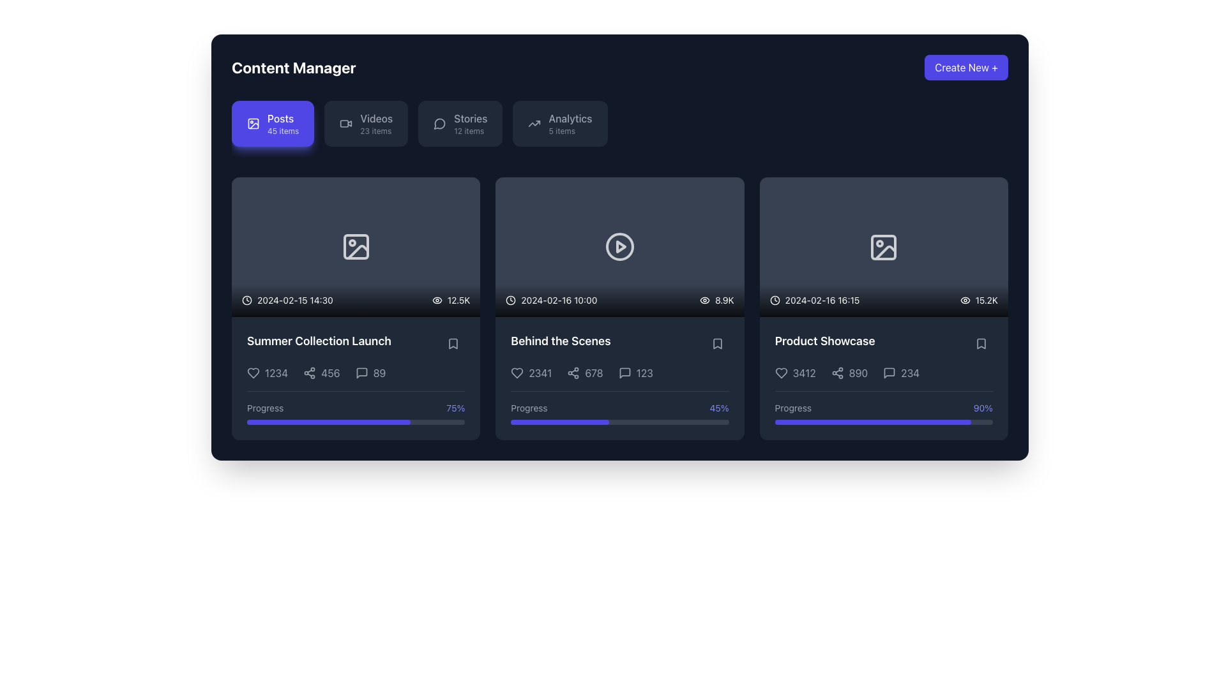  What do you see at coordinates (803, 373) in the screenshot?
I see `numerical value '3412' displayed in medium-gray color on the bottom right corner of the 'Product Showcase' card, positioned after the heart-shaped icon` at bounding box center [803, 373].